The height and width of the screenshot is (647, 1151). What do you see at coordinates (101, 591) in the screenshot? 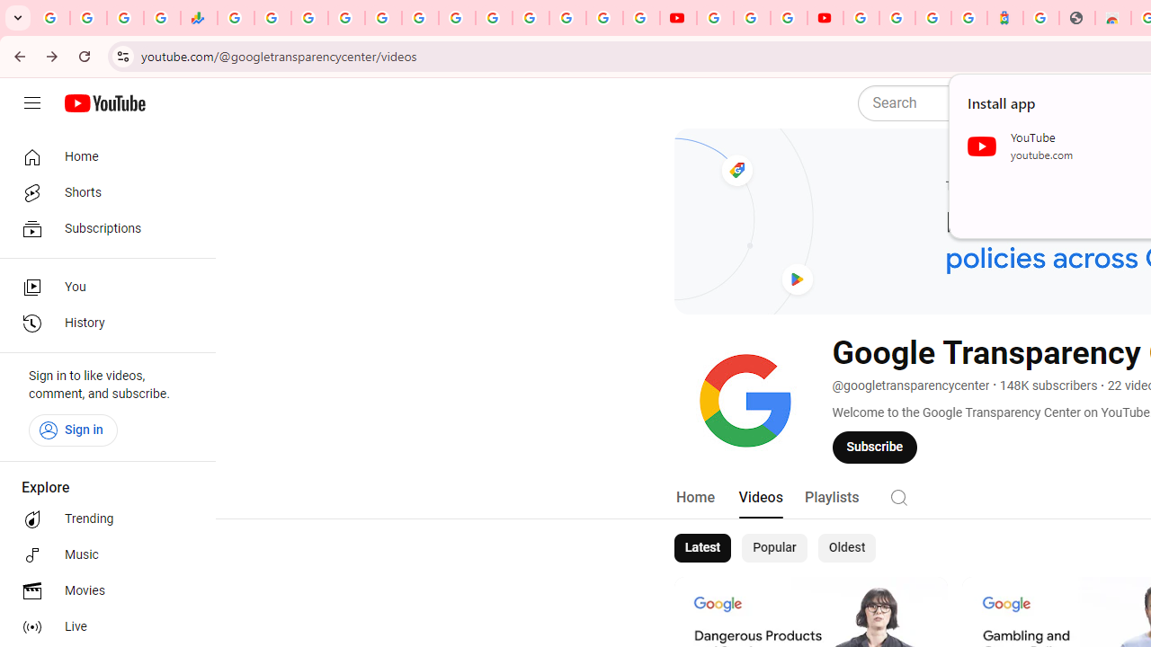
I see `'Movies'` at bounding box center [101, 591].